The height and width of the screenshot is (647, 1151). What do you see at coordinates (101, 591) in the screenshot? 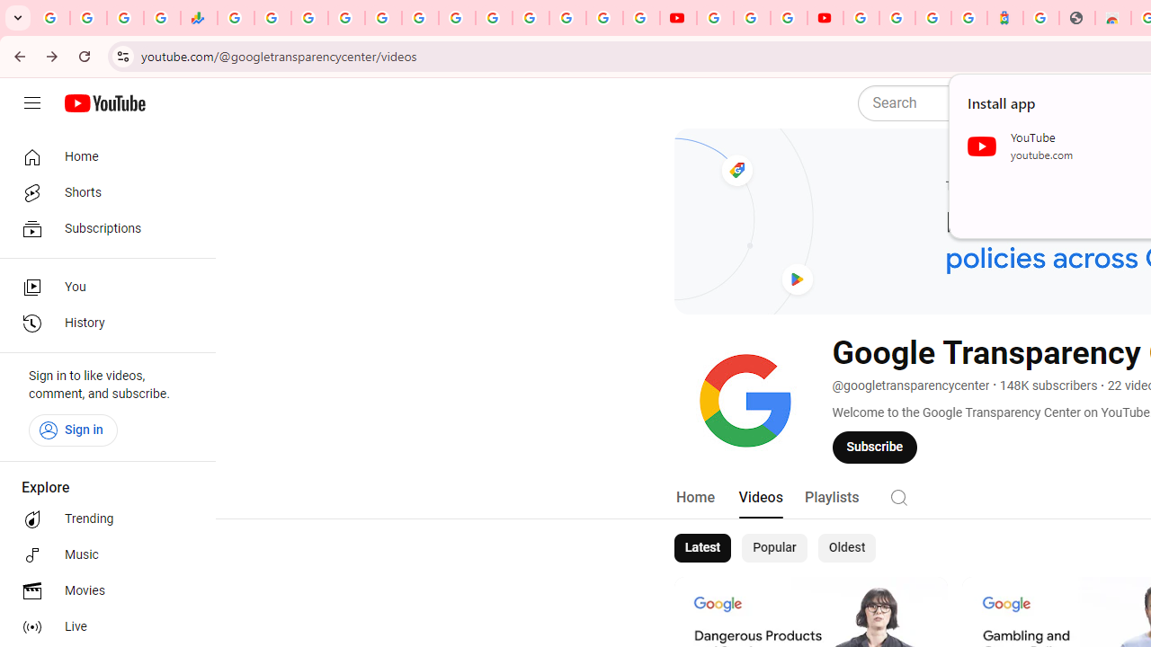
I see `'Movies'` at bounding box center [101, 591].